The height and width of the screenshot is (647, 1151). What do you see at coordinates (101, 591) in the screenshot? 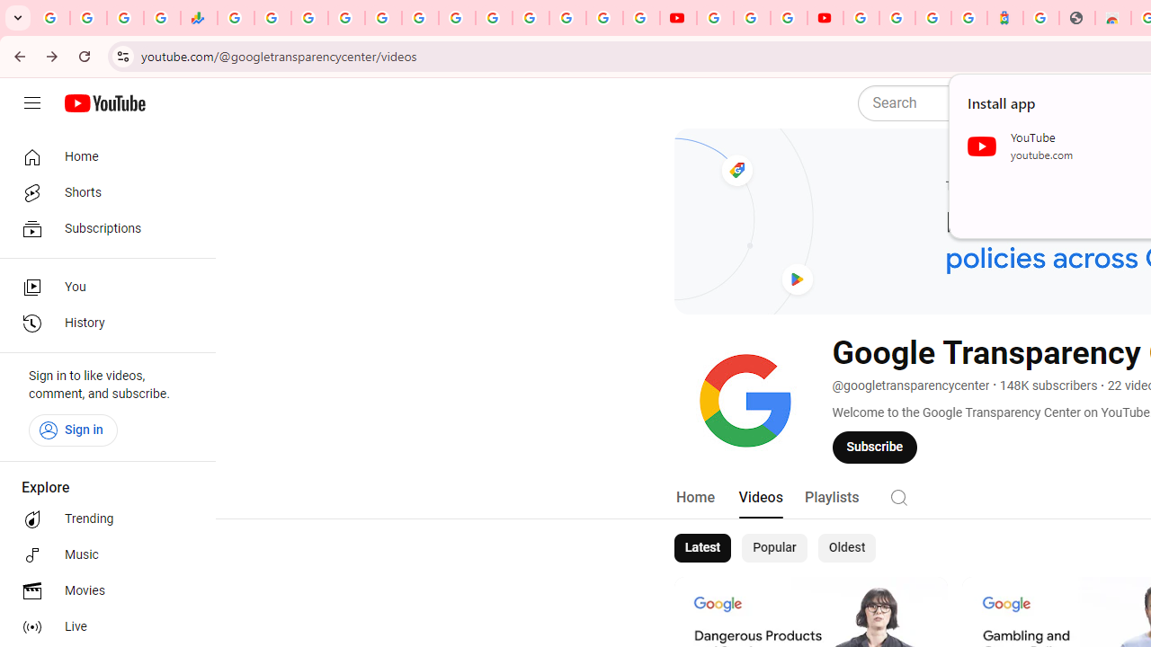
I see `'Movies'` at bounding box center [101, 591].